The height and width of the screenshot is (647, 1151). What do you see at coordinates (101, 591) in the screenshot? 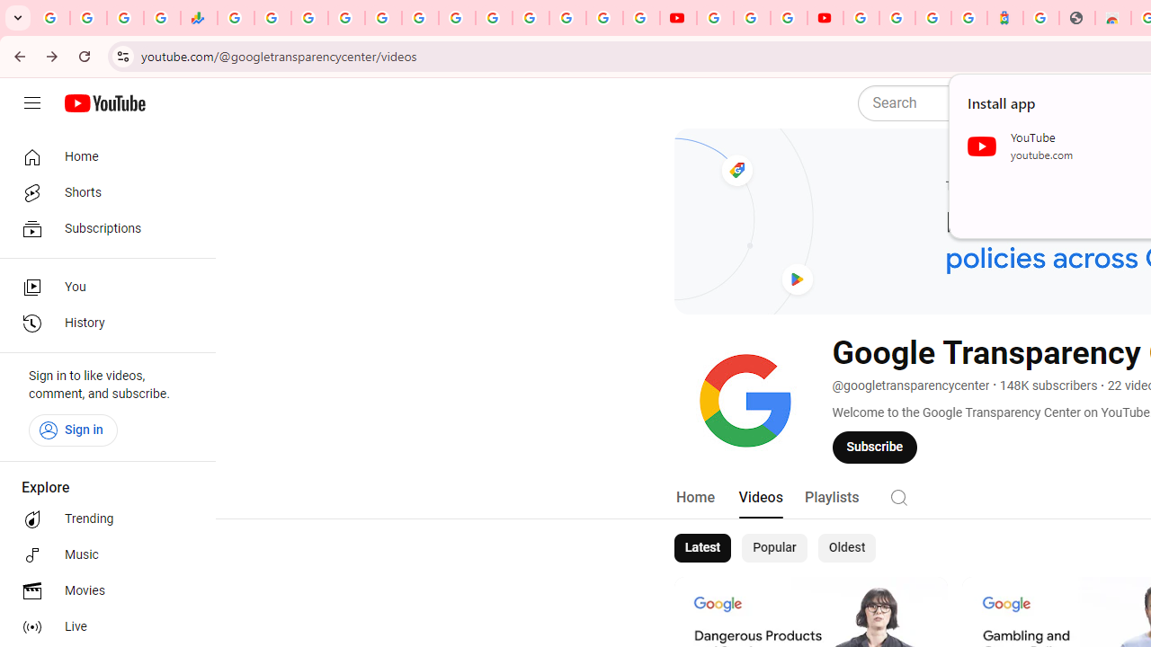
I see `'Movies'` at bounding box center [101, 591].